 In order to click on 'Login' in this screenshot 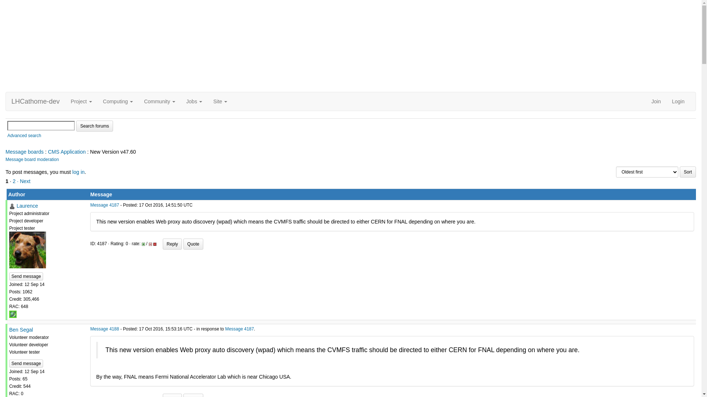, I will do `click(666, 101)`.